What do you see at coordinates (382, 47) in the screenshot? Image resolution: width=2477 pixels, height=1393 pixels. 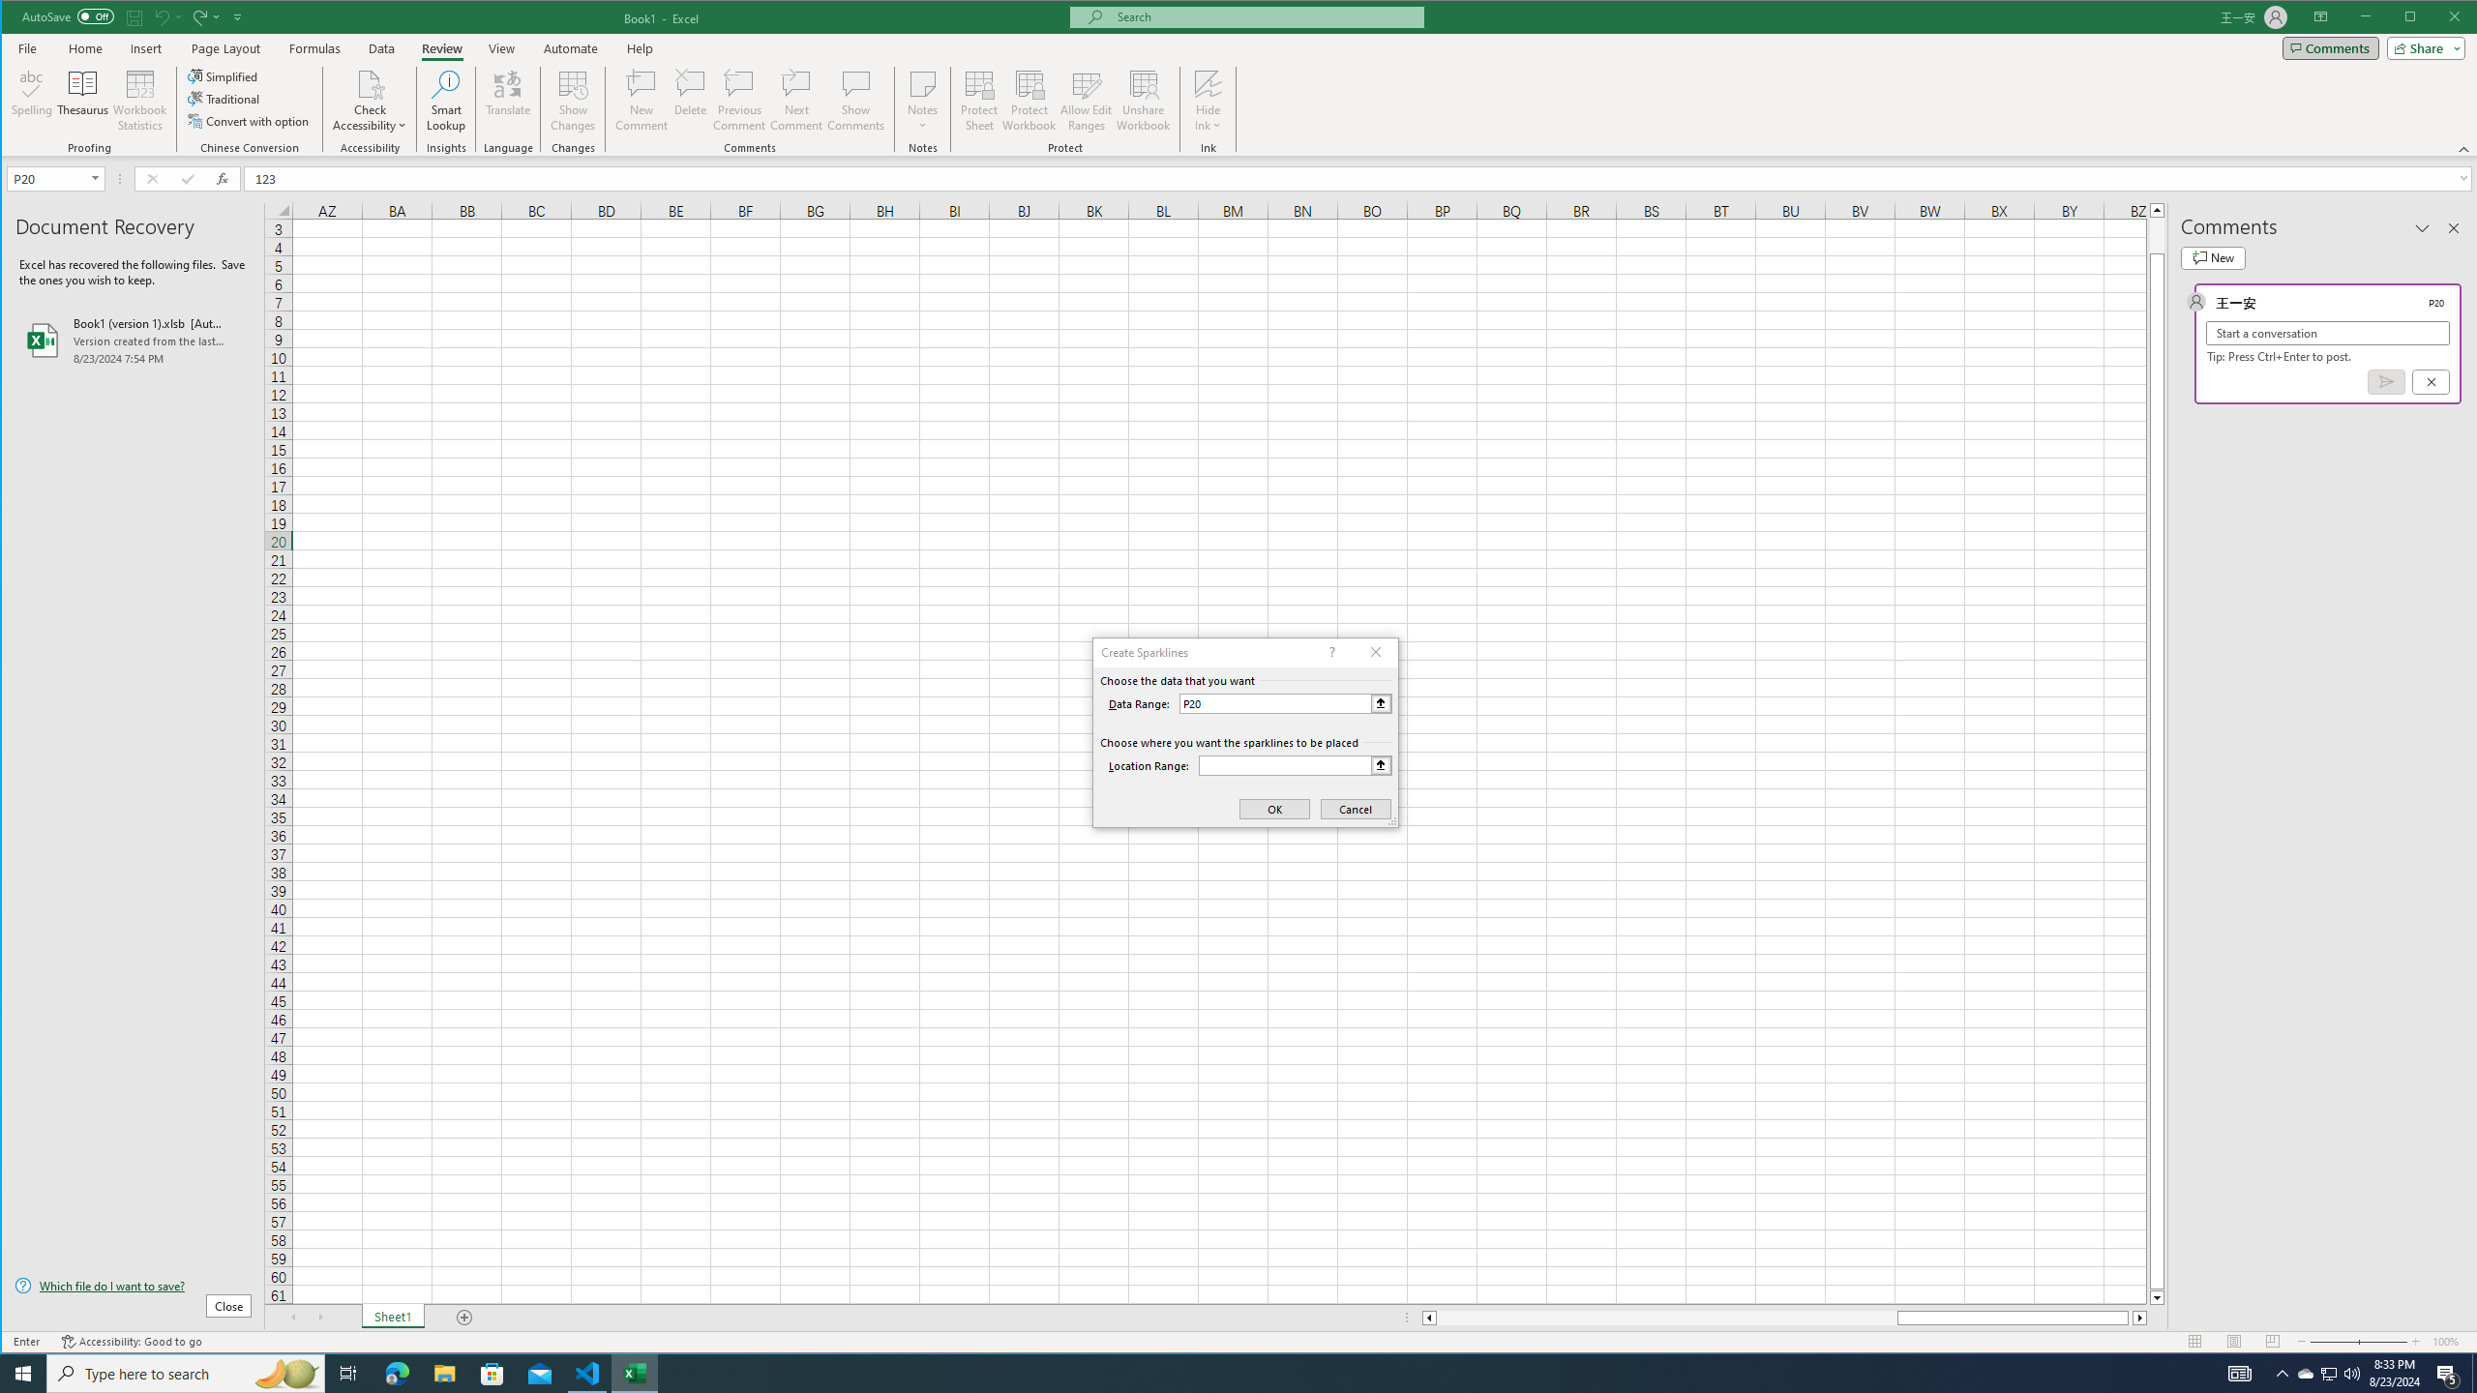 I see `'Data'` at bounding box center [382, 47].